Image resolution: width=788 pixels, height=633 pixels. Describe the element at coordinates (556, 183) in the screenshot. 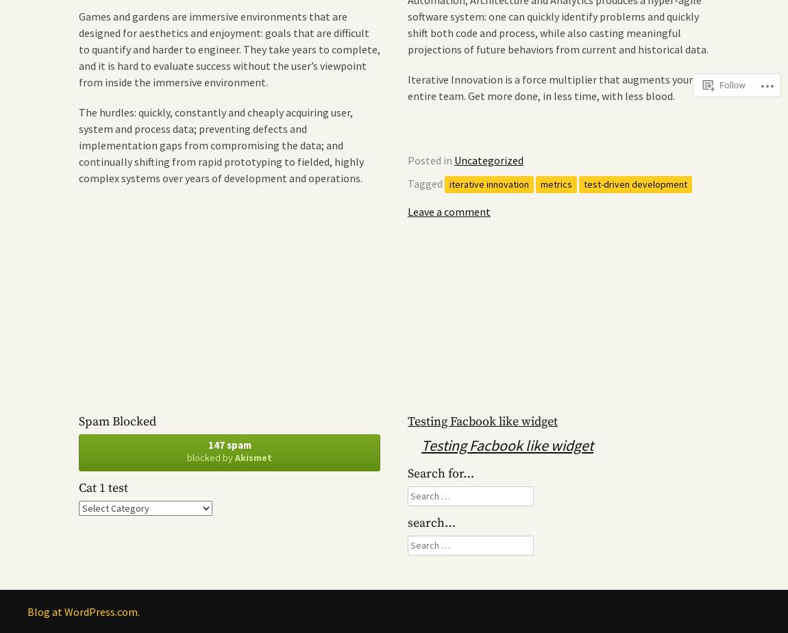

I see `'metrics'` at that location.